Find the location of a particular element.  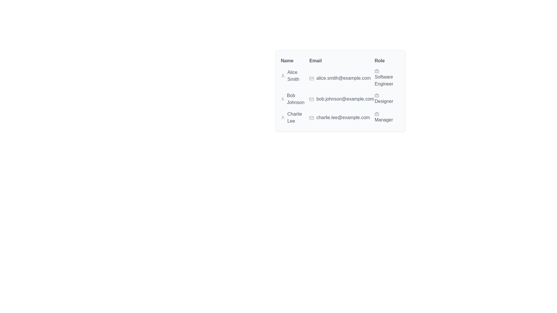

the email icon located in the Email column of the first row in a table layout, positioned left of the email text 'alice.smith@example.com' is located at coordinates (311, 78).